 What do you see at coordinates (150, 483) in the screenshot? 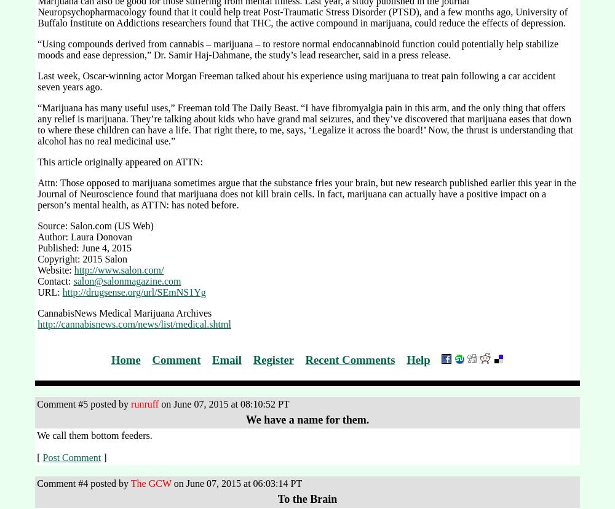
I see `'The GCW'` at bounding box center [150, 483].